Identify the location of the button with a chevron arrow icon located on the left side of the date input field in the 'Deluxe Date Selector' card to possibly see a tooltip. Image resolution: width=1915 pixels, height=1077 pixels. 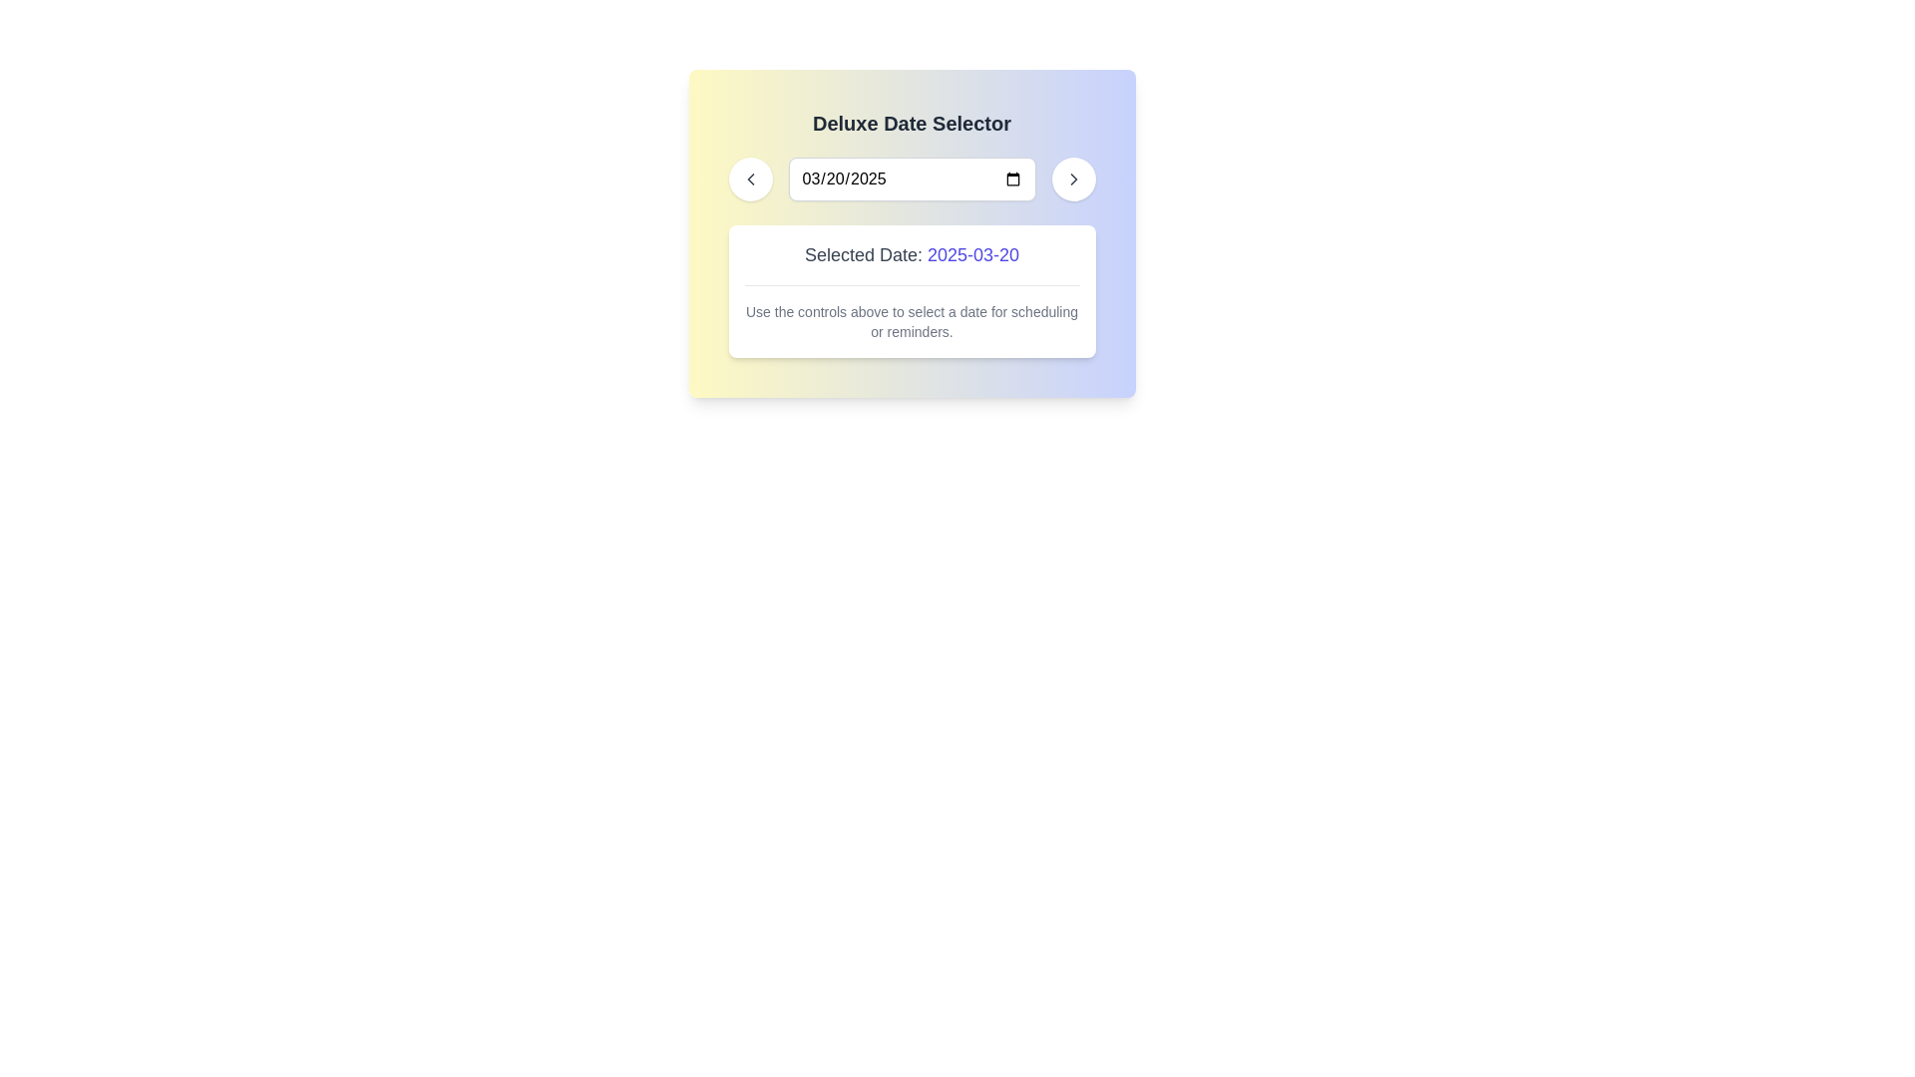
(749, 179).